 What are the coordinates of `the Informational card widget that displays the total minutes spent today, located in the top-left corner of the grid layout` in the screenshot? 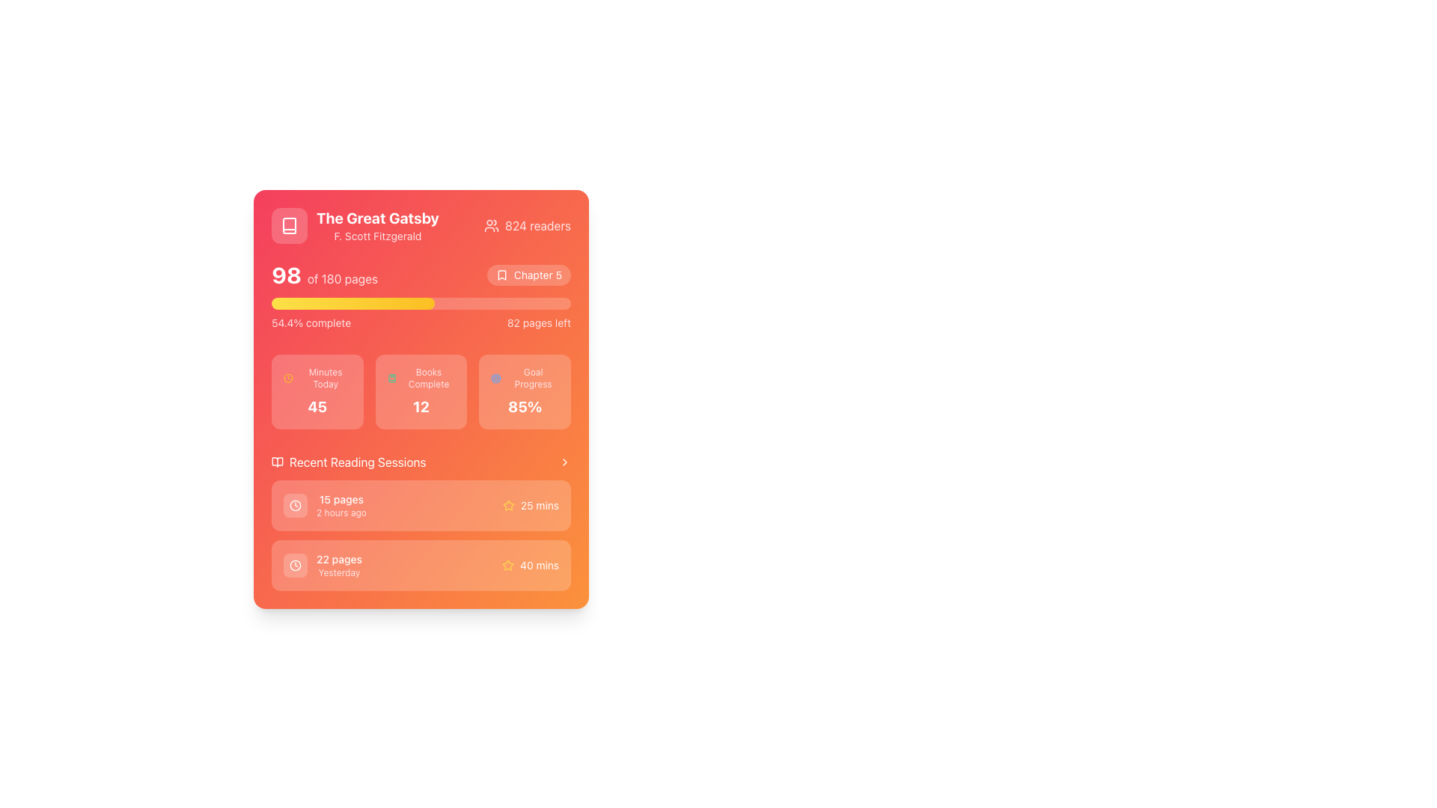 It's located at (317, 391).